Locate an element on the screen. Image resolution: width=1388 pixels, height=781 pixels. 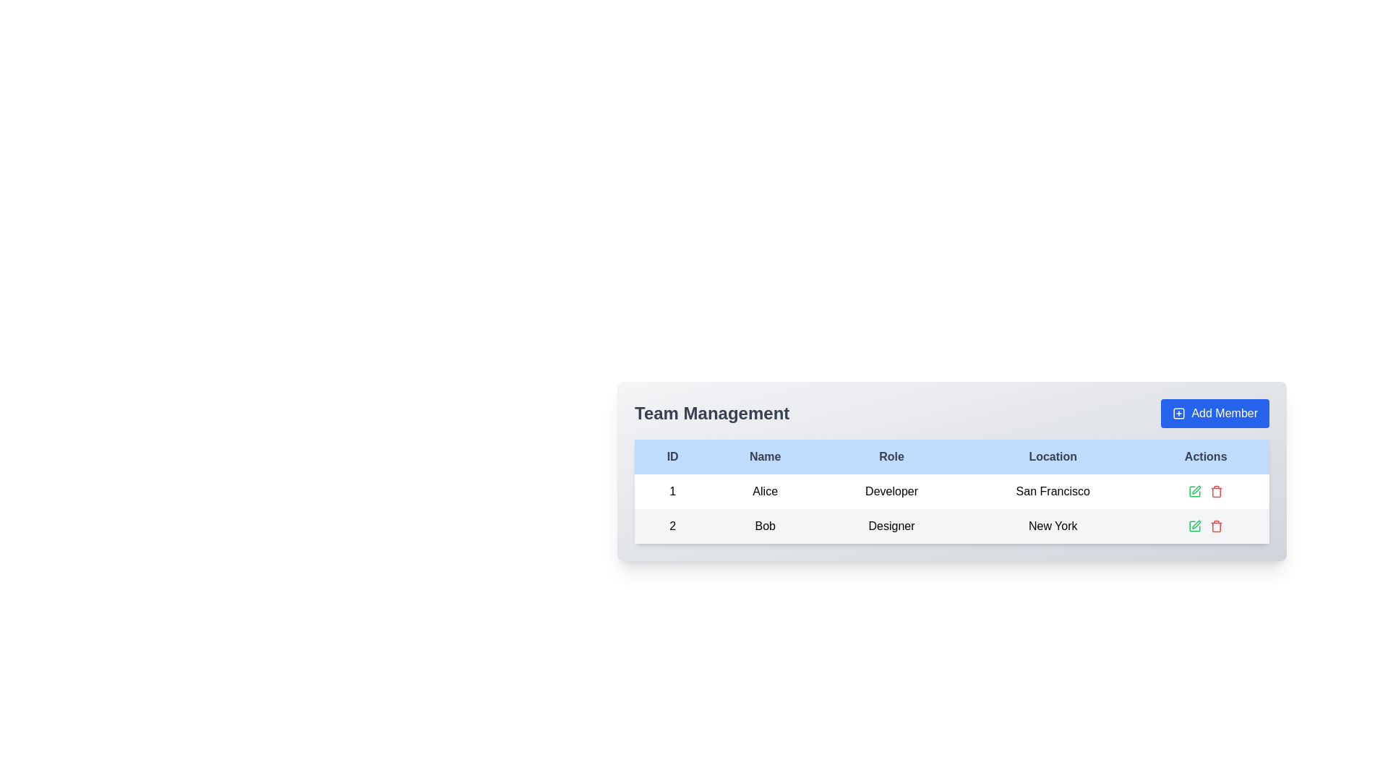
the 'Edit' action button located in the first position of the action icons in the second row of the table under the 'Actions' column is located at coordinates (1195, 490).